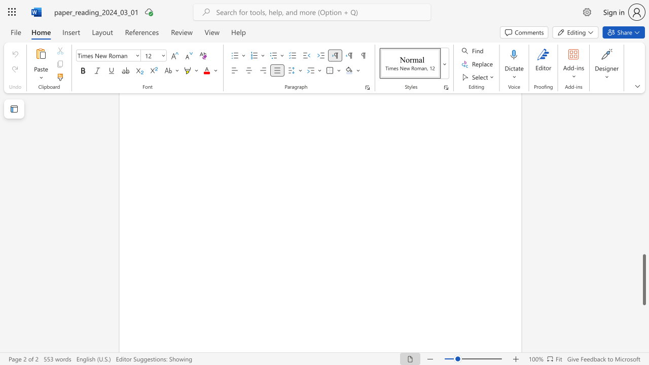  What do you see at coordinates (643, 161) in the screenshot?
I see `the scrollbar to scroll upward` at bounding box center [643, 161].